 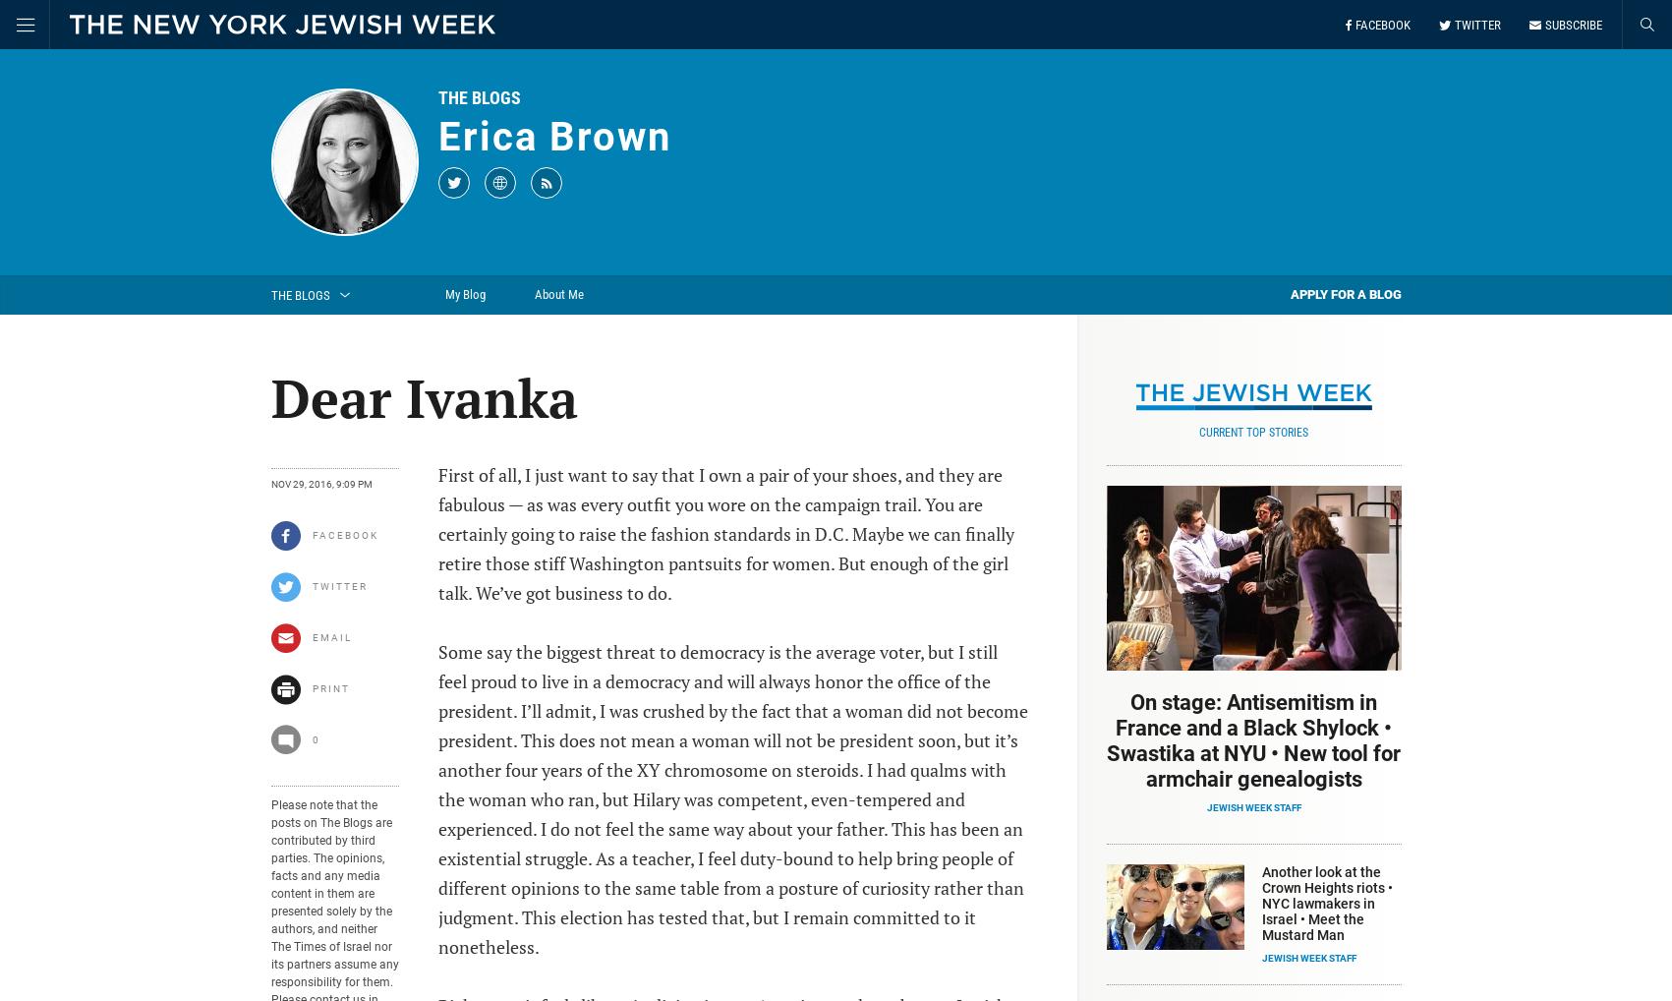 I want to click on 'email', so click(x=330, y=636).